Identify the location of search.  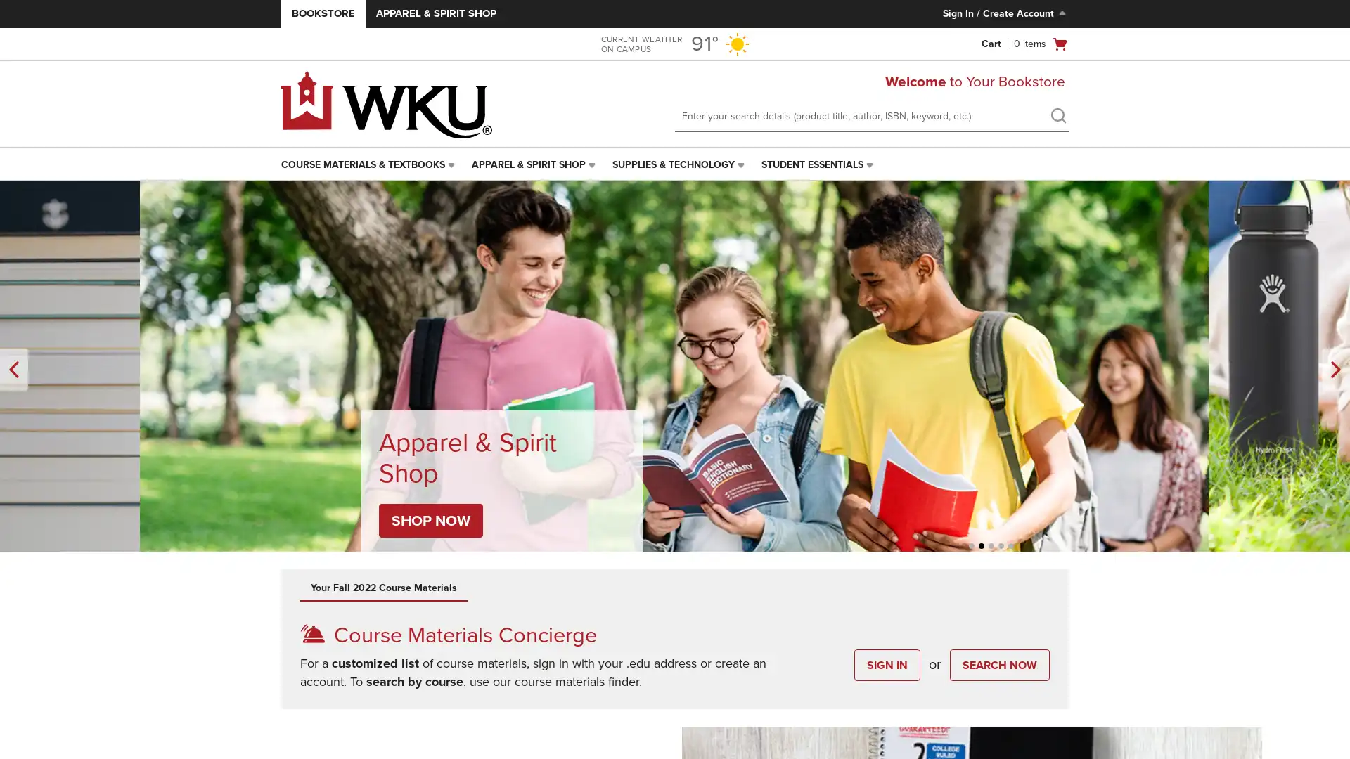
(1058, 115).